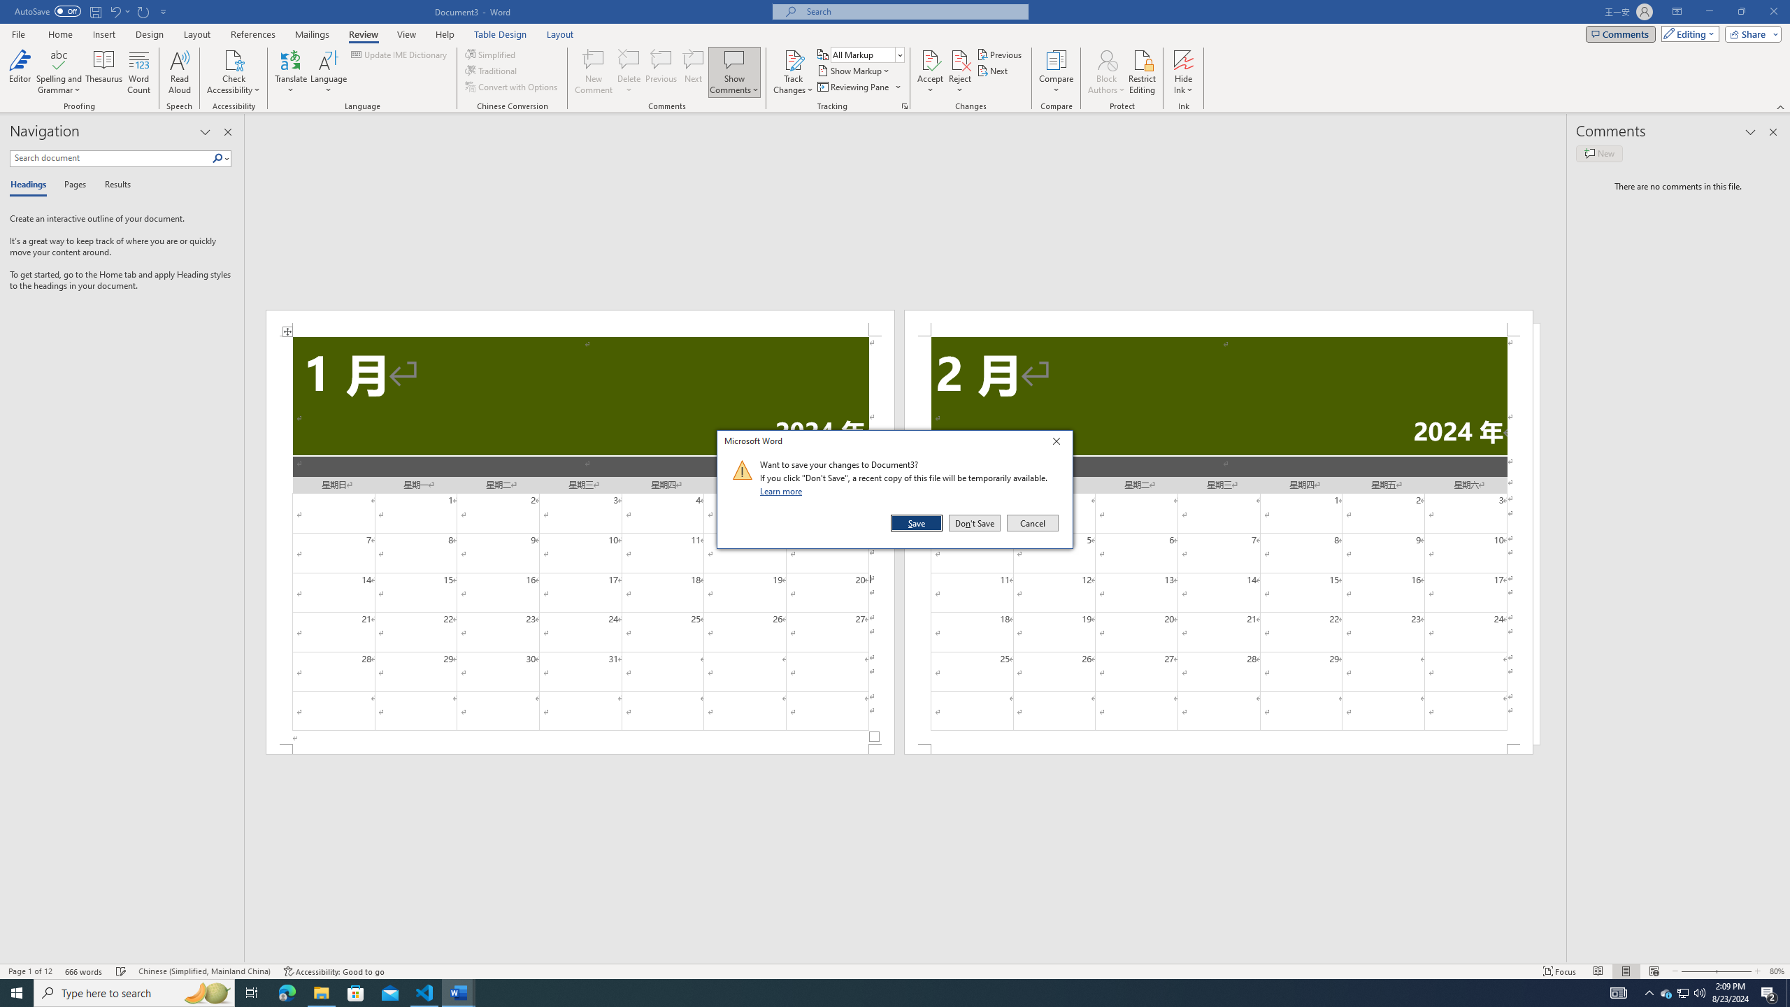  Describe the element at coordinates (492, 54) in the screenshot. I see `'Simplified'` at that location.